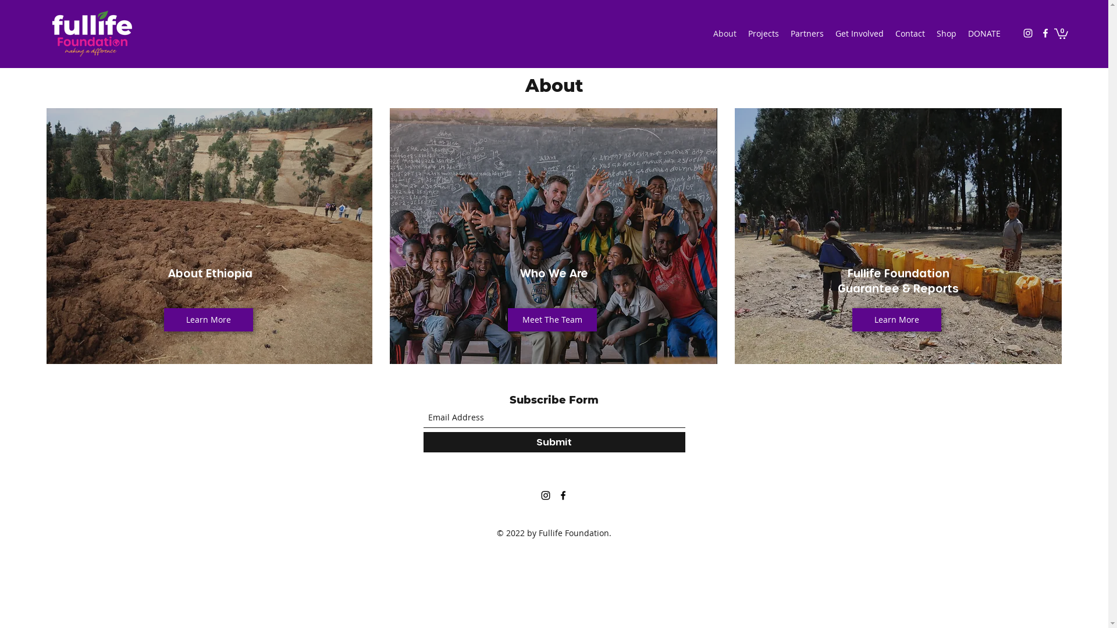  Describe the element at coordinates (962, 33) in the screenshot. I see `'DONATE'` at that location.